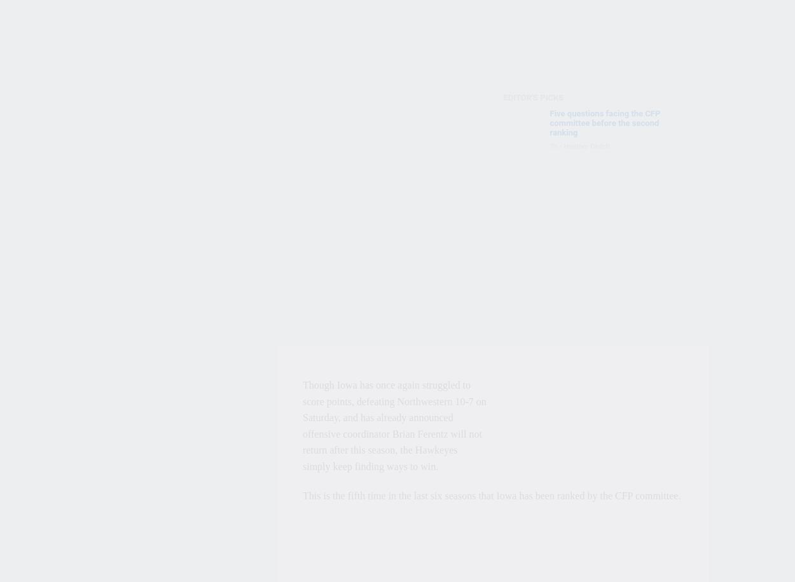  Describe the element at coordinates (302, 204) in the screenshot. I see `'"Not to be repetitive, (but) our mission, as a committee, is to judge the teams that are eligible for the postseason," Corrigan said. "This is not a CFP committee issue."'` at that location.